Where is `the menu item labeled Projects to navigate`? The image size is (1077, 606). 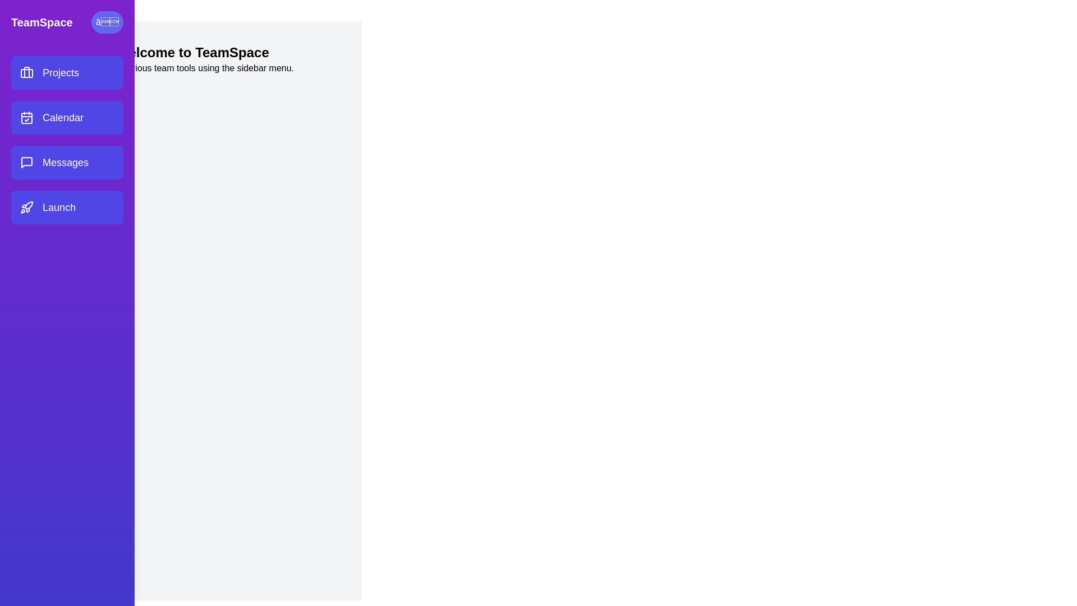 the menu item labeled Projects to navigate is located at coordinates (67, 73).